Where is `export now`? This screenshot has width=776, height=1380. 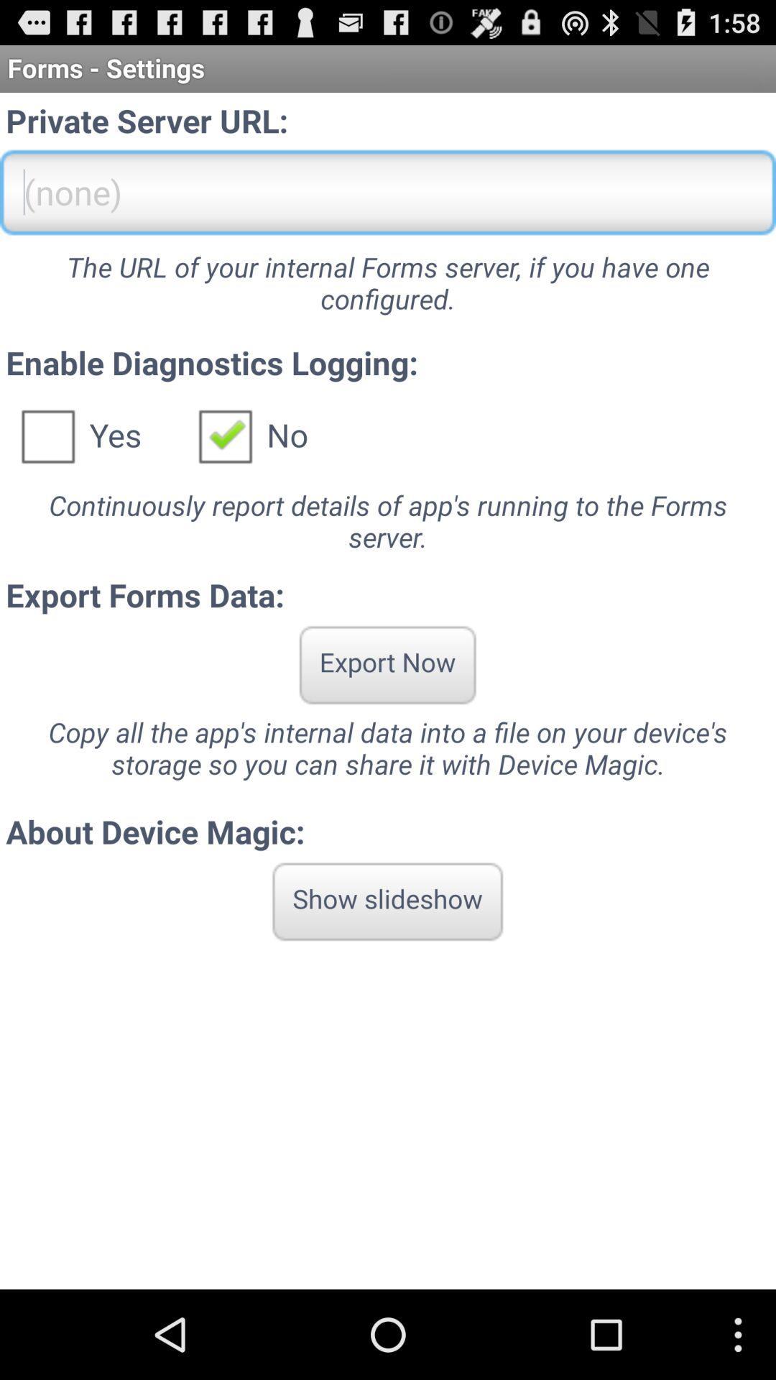
export now is located at coordinates (387, 664).